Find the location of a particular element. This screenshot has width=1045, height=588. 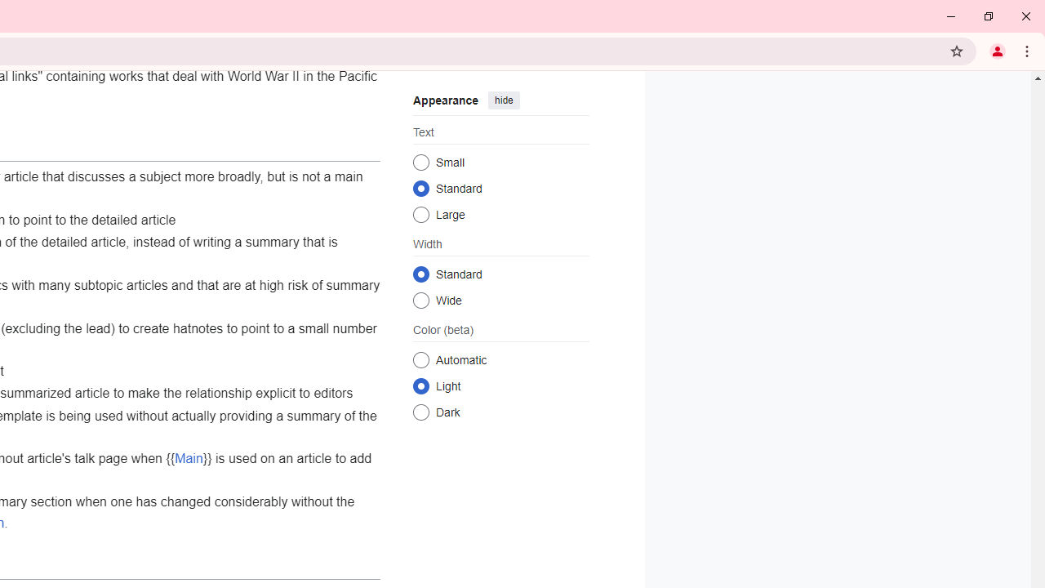

'Small' is located at coordinates (420, 162).